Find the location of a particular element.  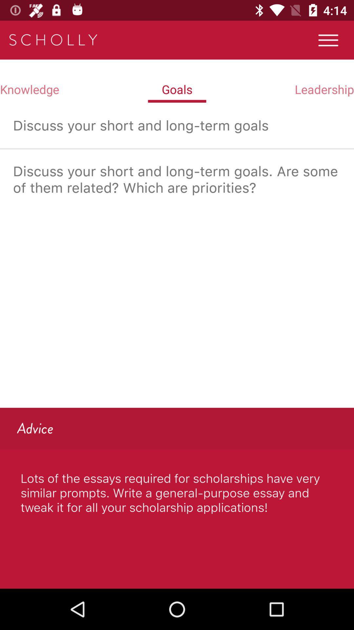

the menu icon is located at coordinates (328, 40).